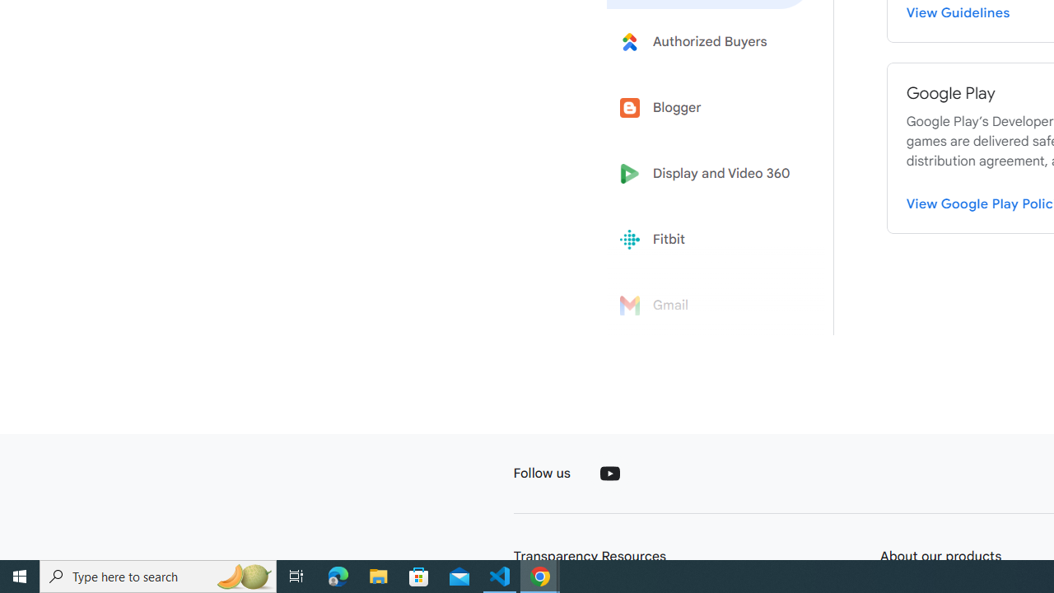 This screenshot has height=593, width=1054. Describe the element at coordinates (710, 40) in the screenshot. I see `'Learn more about Authorized Buyers'` at that location.